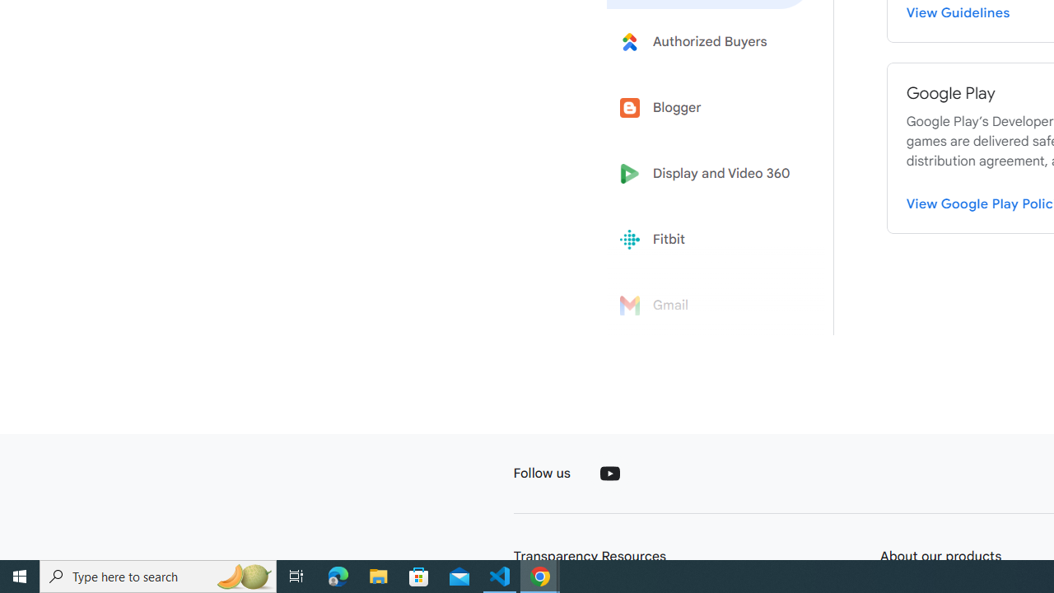 This screenshot has height=593, width=1054. Describe the element at coordinates (710, 40) in the screenshot. I see `'Learn more about Authorized Buyers'` at that location.